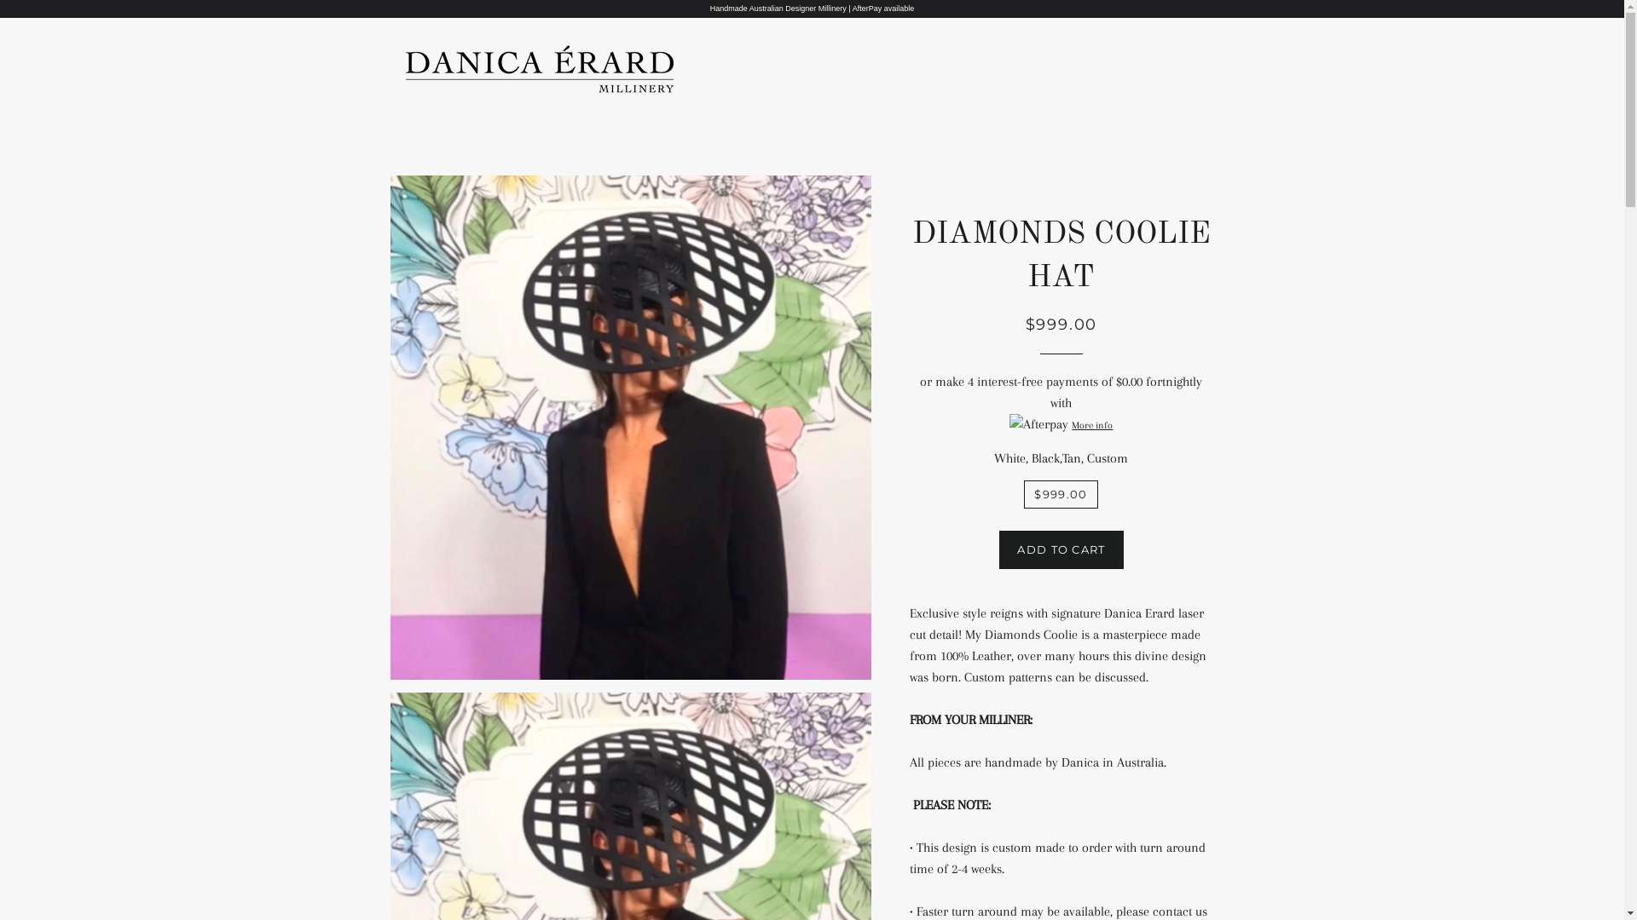 The image size is (1637, 920). What do you see at coordinates (1060, 549) in the screenshot?
I see `'ADD TO CART'` at bounding box center [1060, 549].